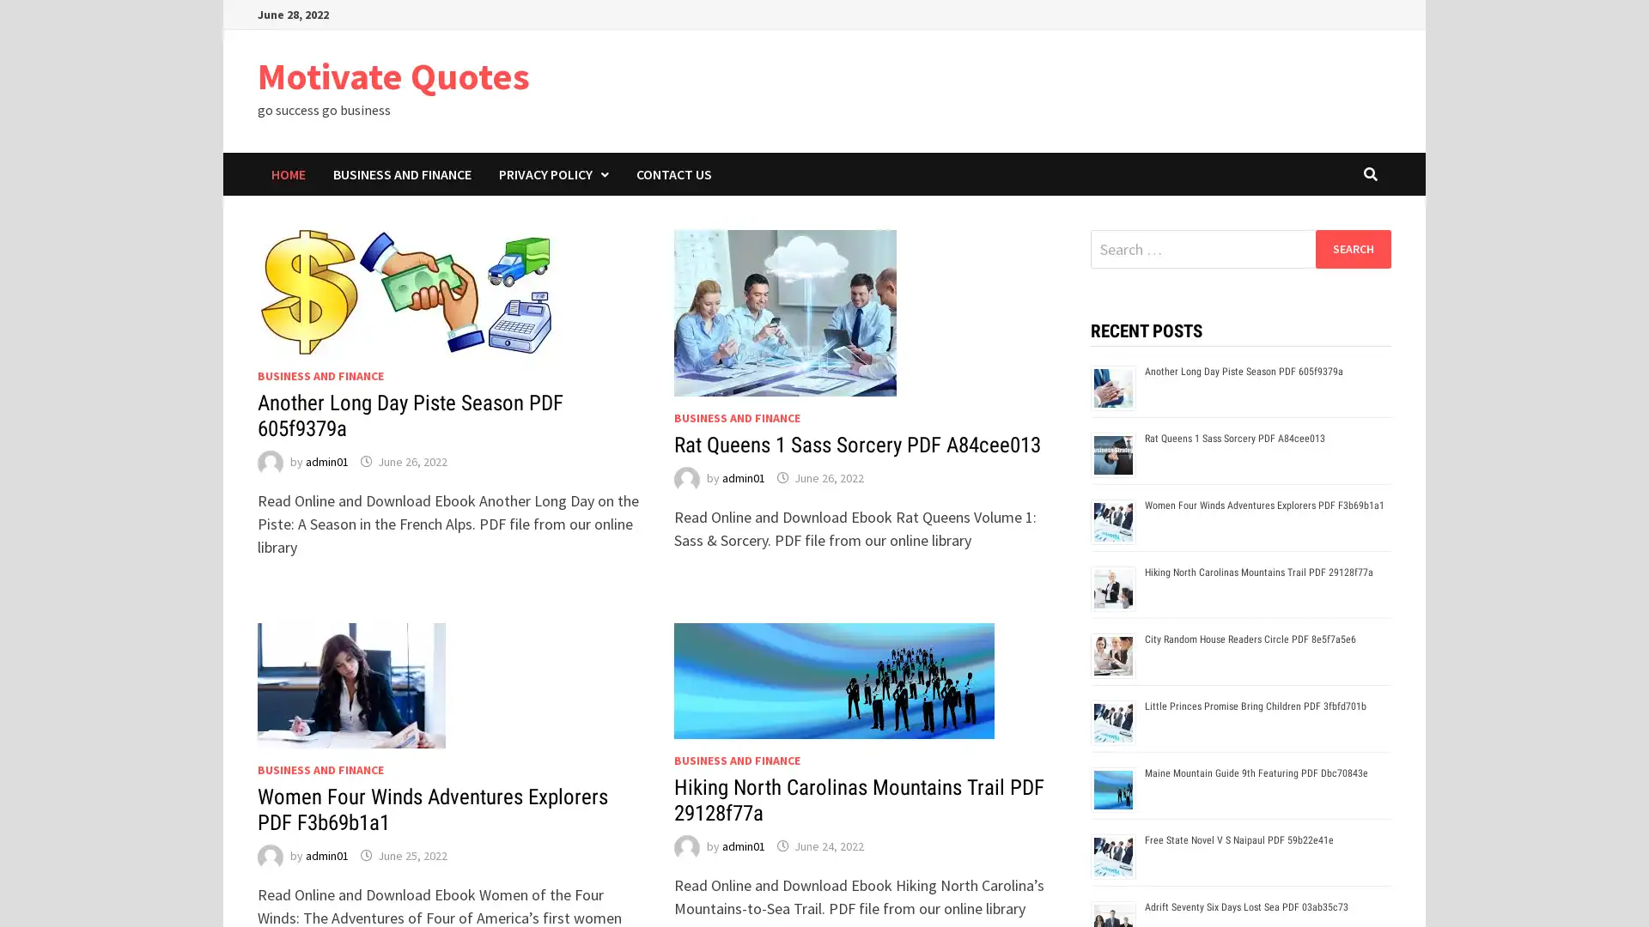 The height and width of the screenshot is (927, 1649). What do you see at coordinates (1352, 248) in the screenshot?
I see `Search` at bounding box center [1352, 248].